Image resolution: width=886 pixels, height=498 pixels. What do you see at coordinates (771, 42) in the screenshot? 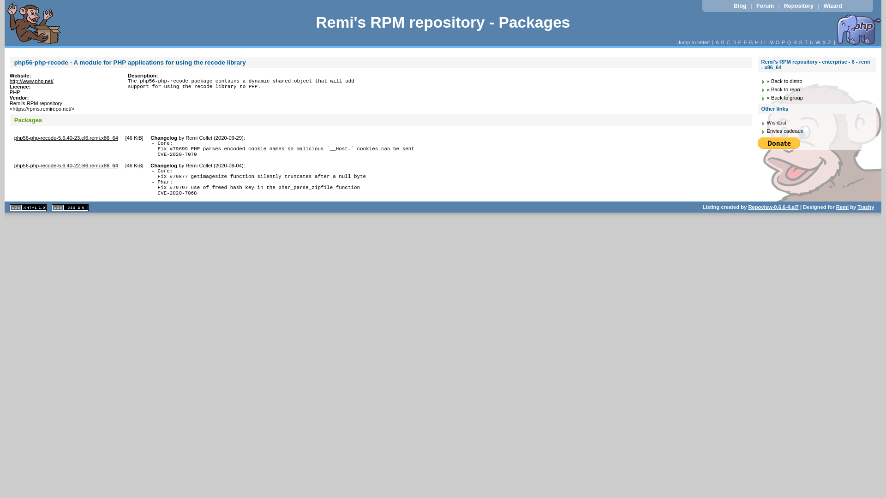
I see `'M'` at bounding box center [771, 42].